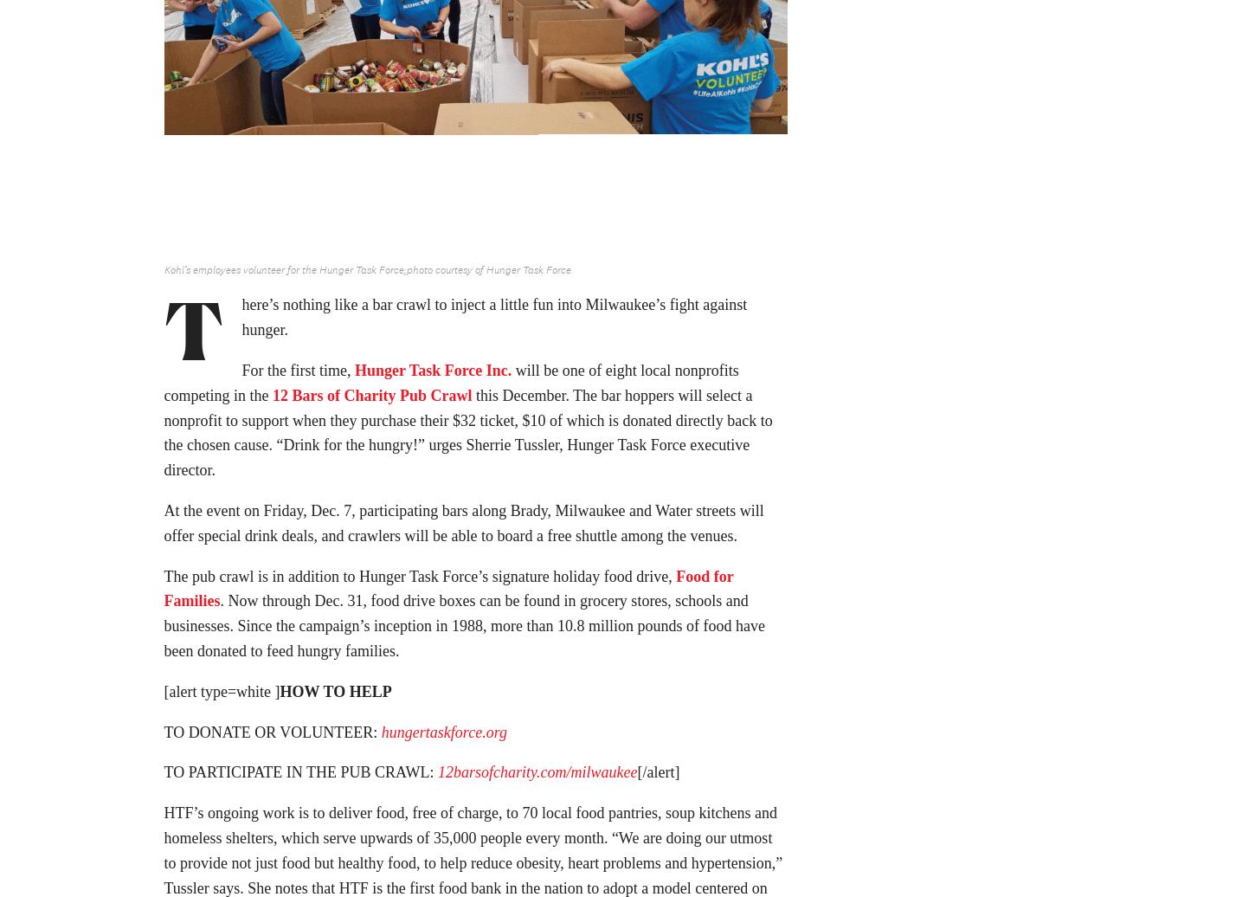 This screenshot has width=1255, height=897. What do you see at coordinates (420, 581) in the screenshot?
I see `'The pub crawl is in addition to Hunger Task Force’s signature holiday food drive,'` at bounding box center [420, 581].